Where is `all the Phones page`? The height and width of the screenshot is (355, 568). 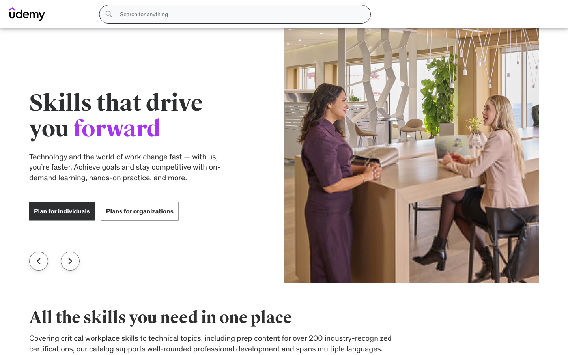 all the Phones page is located at coordinates (303, 36).